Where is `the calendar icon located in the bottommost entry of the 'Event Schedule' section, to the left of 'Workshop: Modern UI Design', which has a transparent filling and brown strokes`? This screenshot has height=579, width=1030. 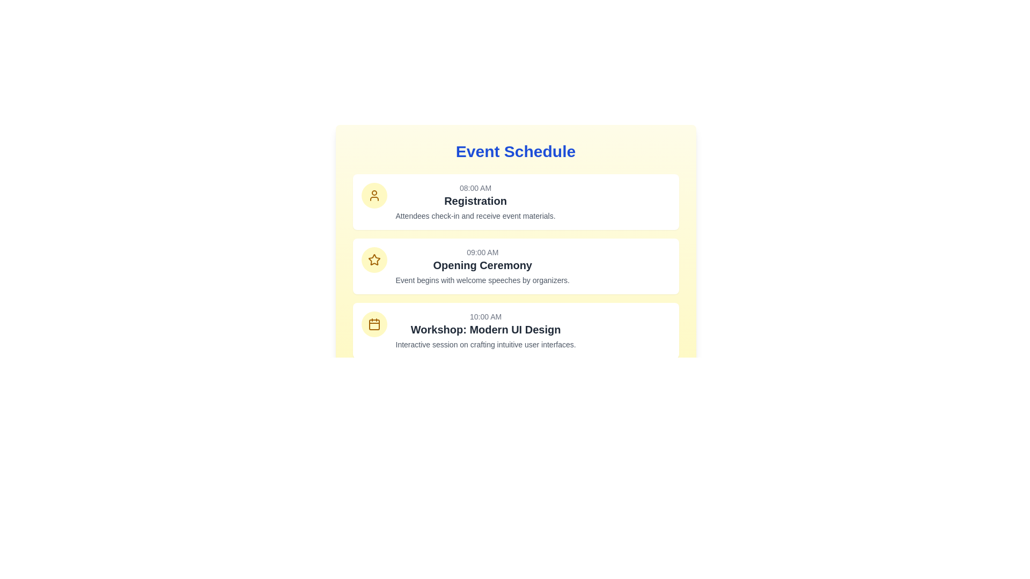
the calendar icon located in the bottommost entry of the 'Event Schedule' section, to the left of 'Workshop: Modern UI Design', which has a transparent filling and brown strokes is located at coordinates (374, 324).